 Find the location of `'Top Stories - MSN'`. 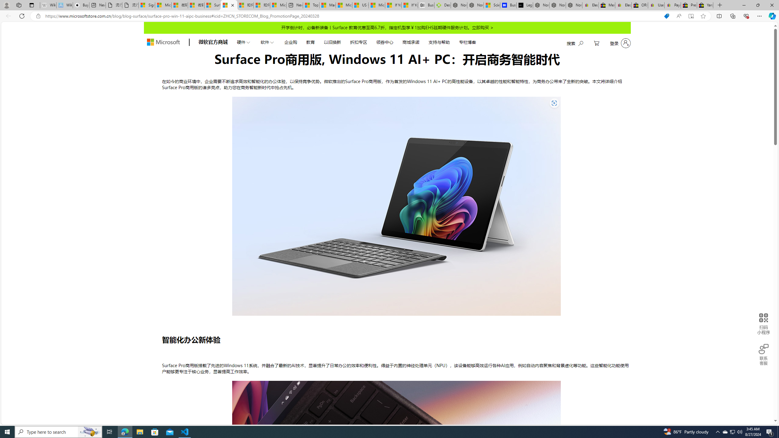

'Top Stories - MSN' is located at coordinates (311, 5).